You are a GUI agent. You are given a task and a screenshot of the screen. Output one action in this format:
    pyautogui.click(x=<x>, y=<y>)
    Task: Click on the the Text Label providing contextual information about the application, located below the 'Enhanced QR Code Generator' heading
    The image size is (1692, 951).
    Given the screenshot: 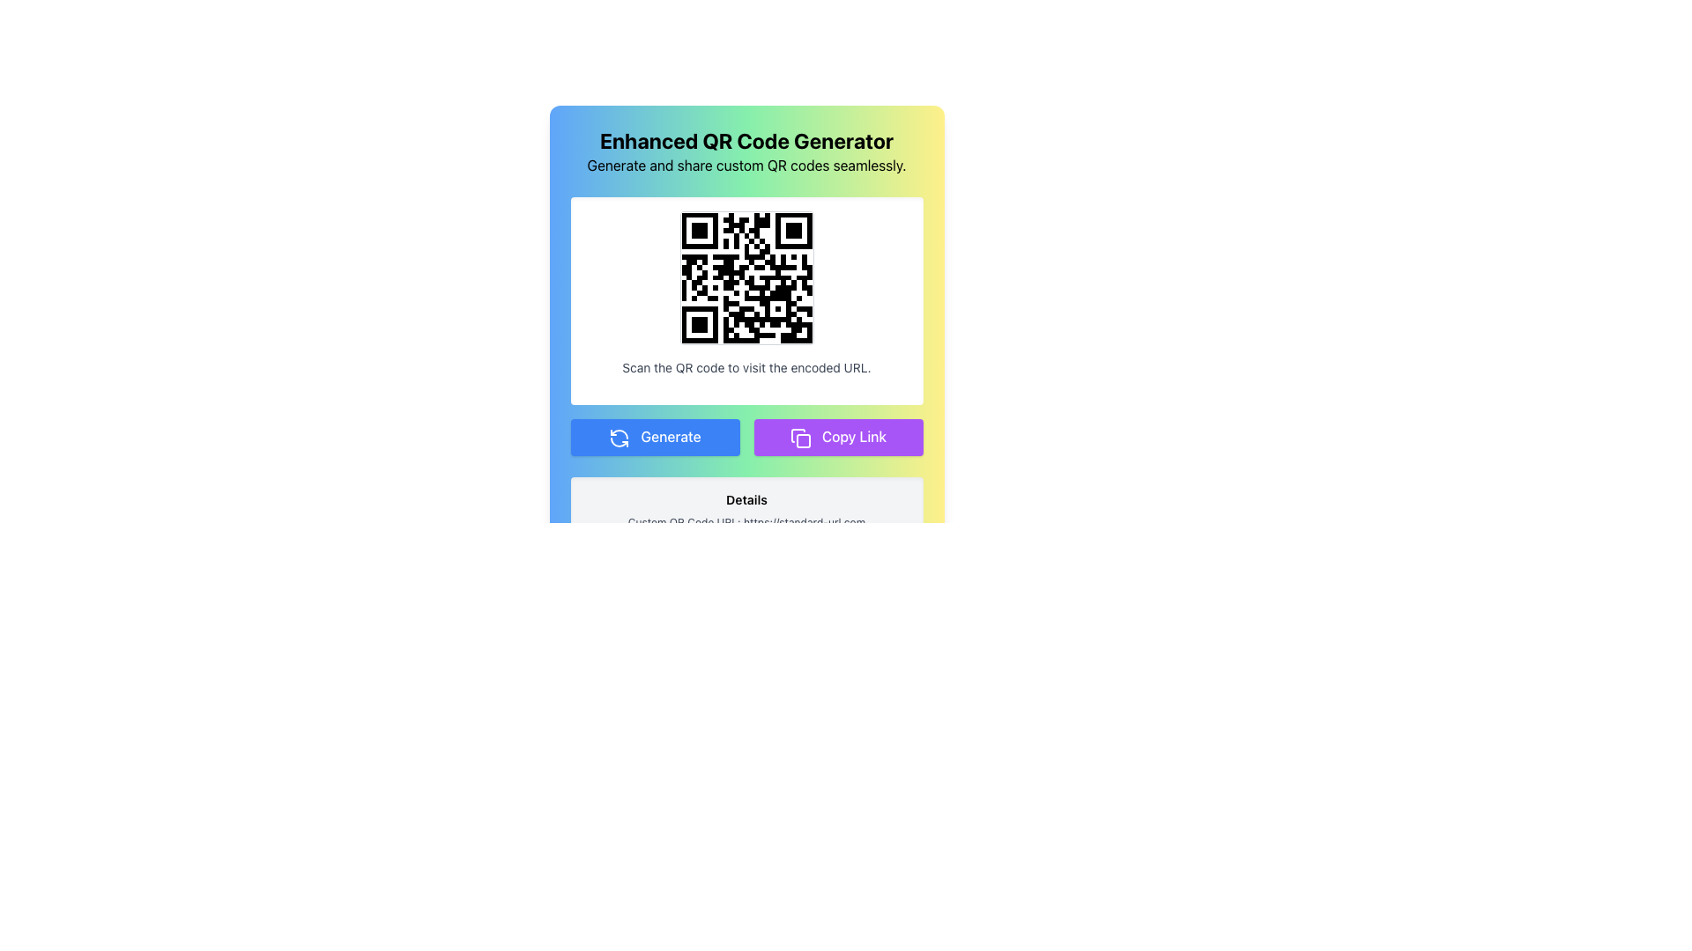 What is the action you would take?
    pyautogui.click(x=746, y=166)
    